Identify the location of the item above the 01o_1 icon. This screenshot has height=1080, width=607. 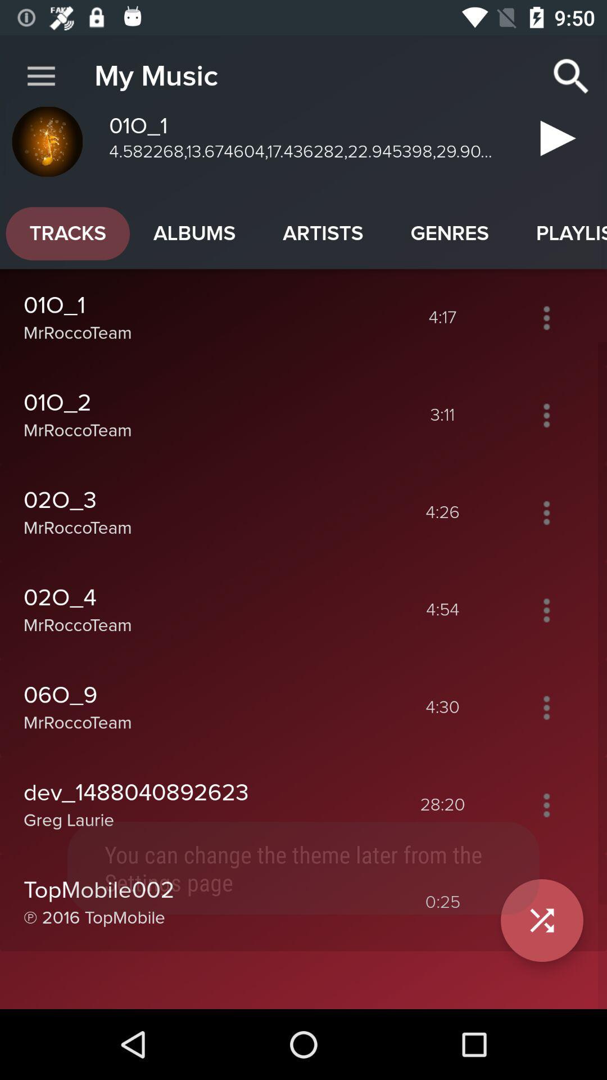
(194, 233).